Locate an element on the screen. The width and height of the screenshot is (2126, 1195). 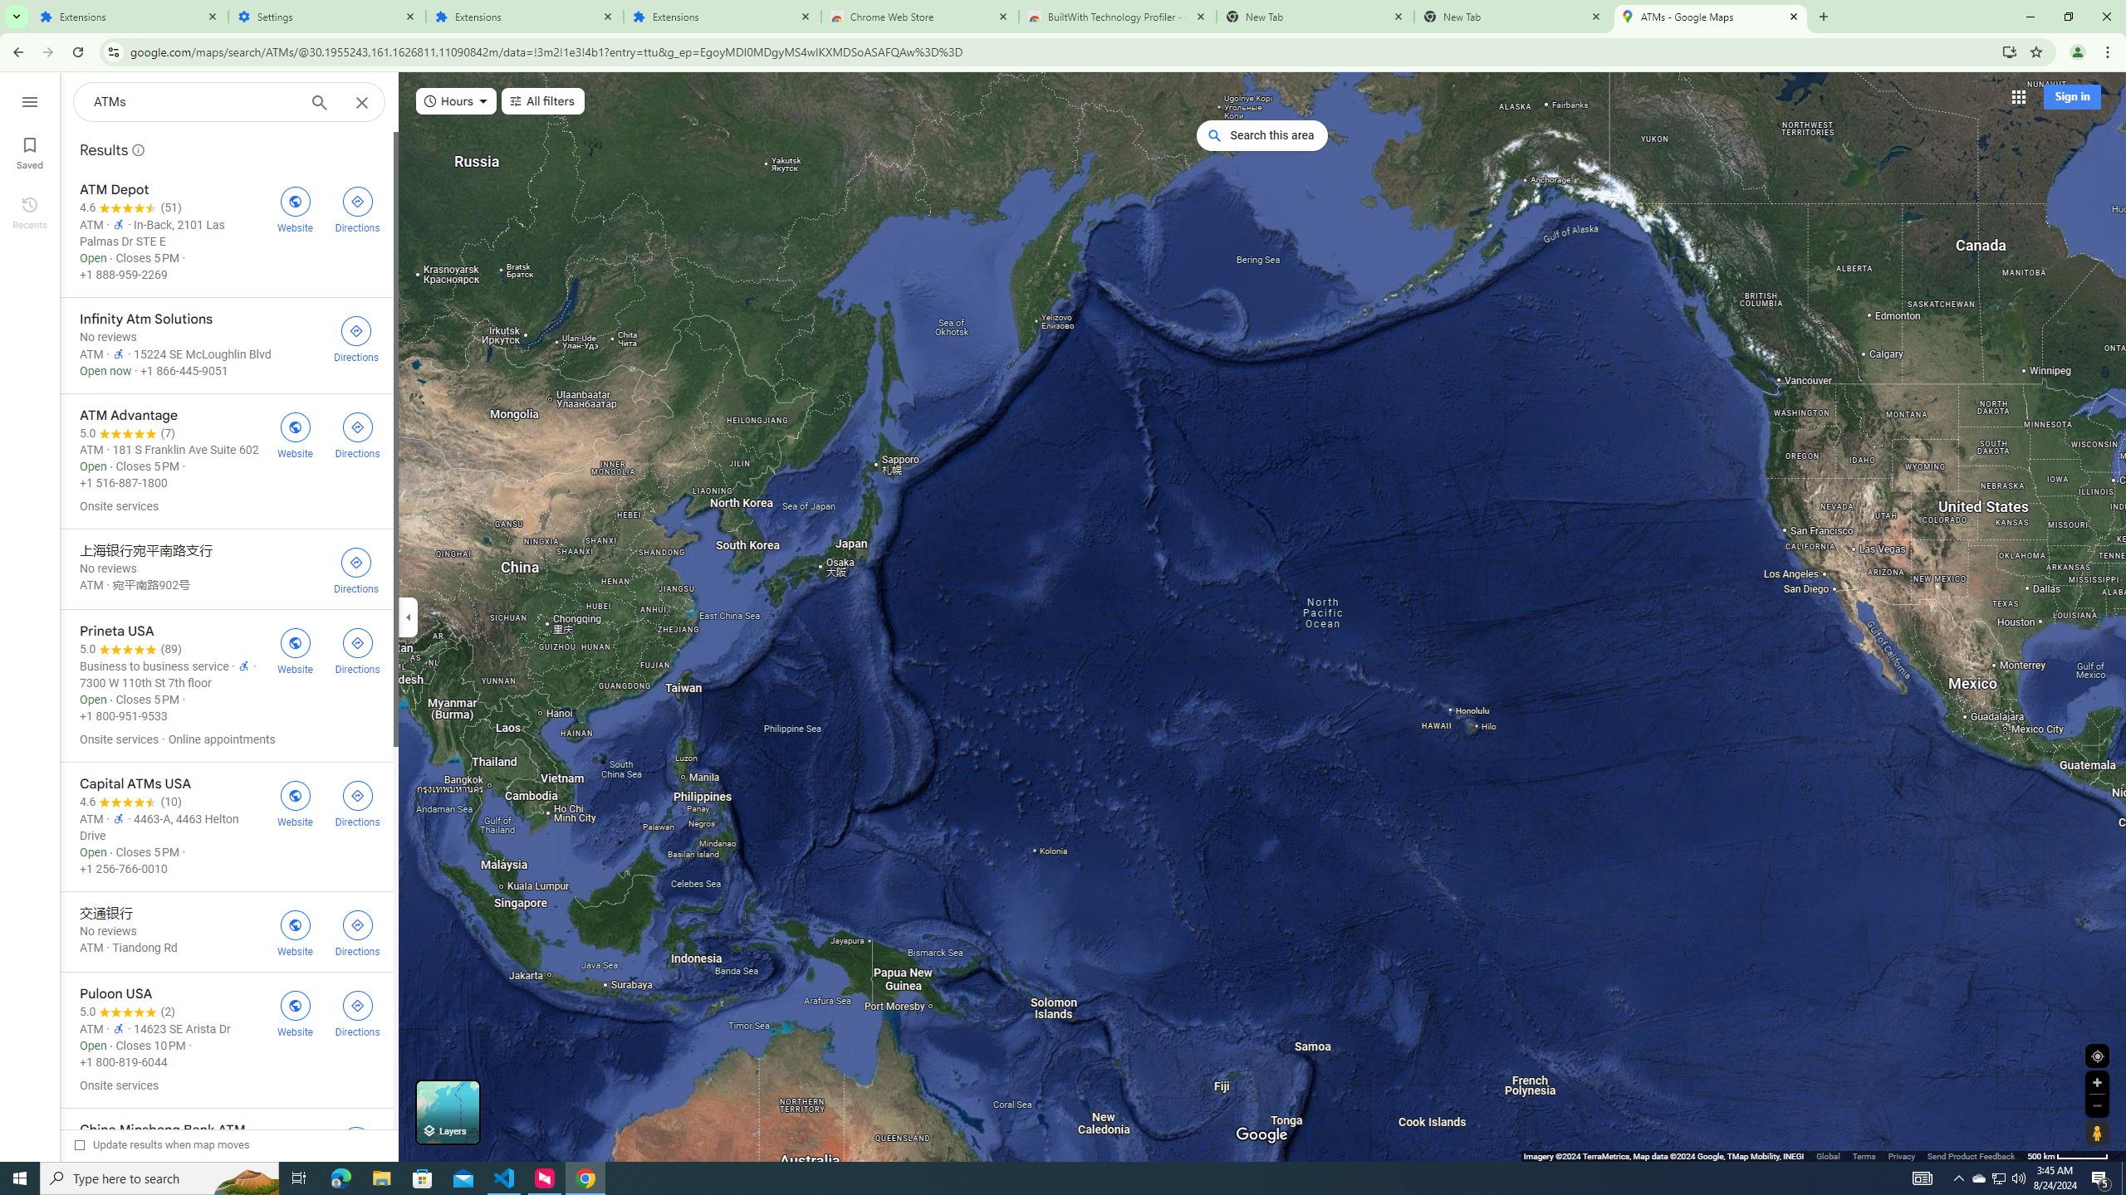
'New Tab' is located at coordinates (1513, 16).